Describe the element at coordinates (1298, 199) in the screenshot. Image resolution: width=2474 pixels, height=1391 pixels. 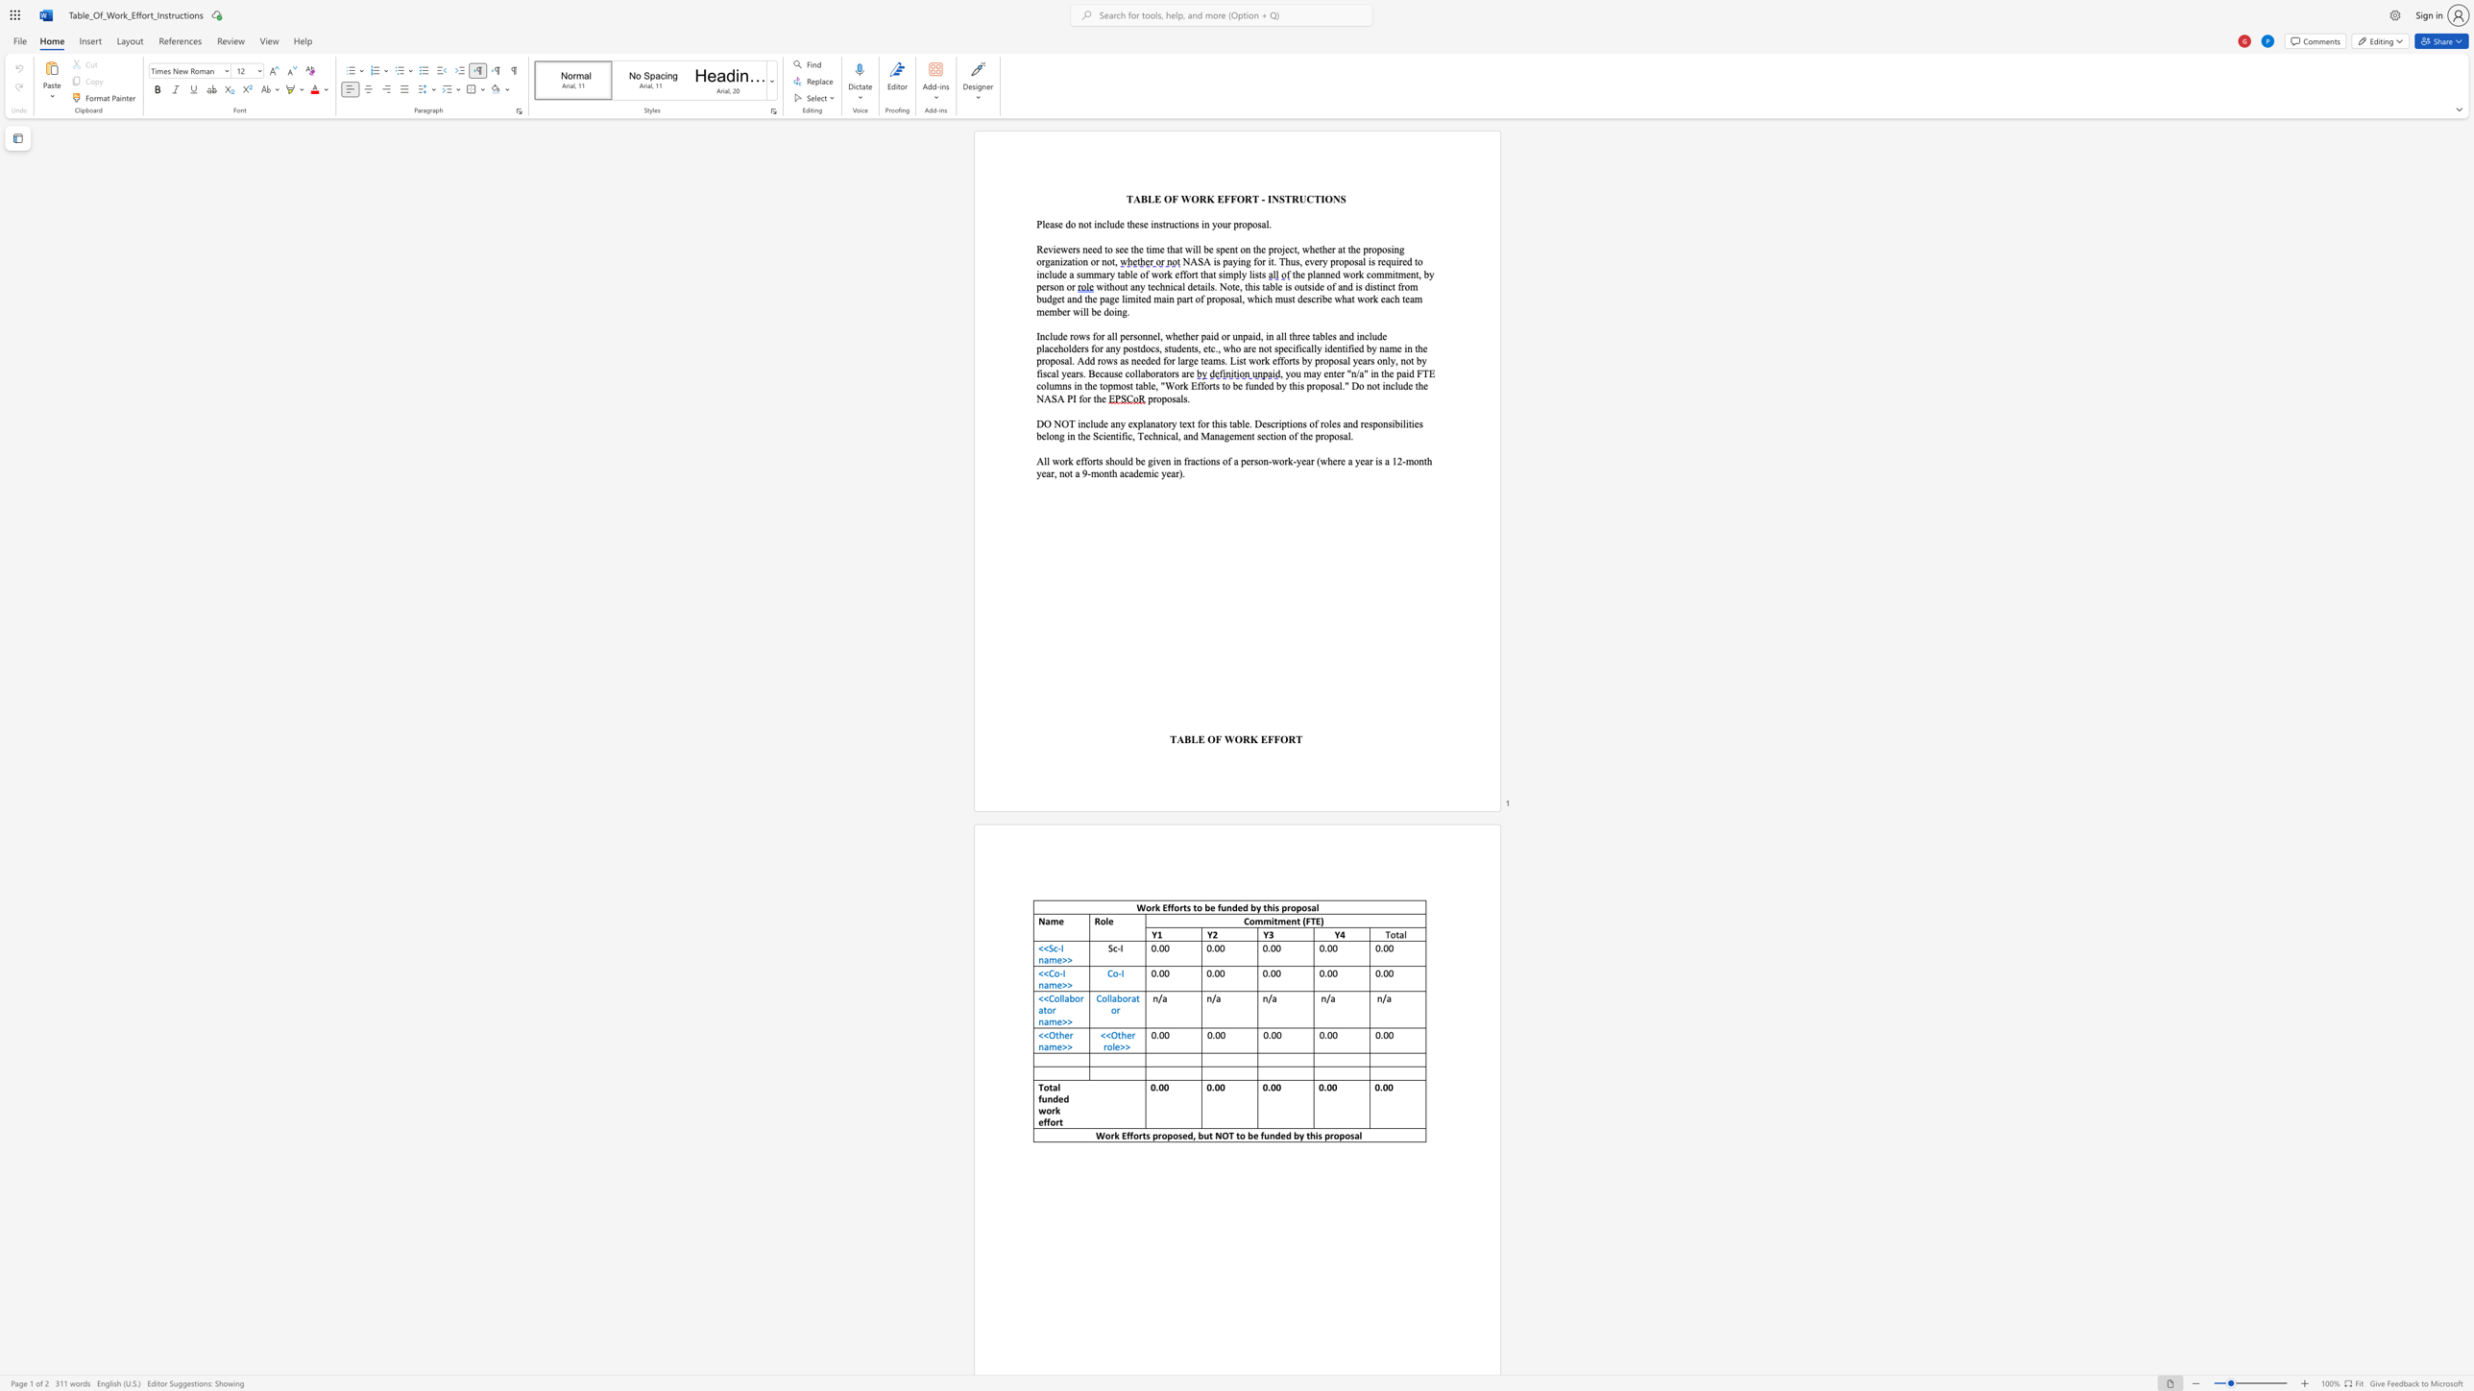
I see `the space between the continuous character "R" and "U" in the text` at that location.